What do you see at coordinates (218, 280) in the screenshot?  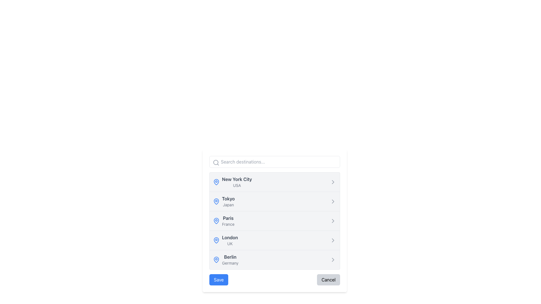 I see `the blue 'Save' button located at the bottom left of the interface` at bounding box center [218, 280].